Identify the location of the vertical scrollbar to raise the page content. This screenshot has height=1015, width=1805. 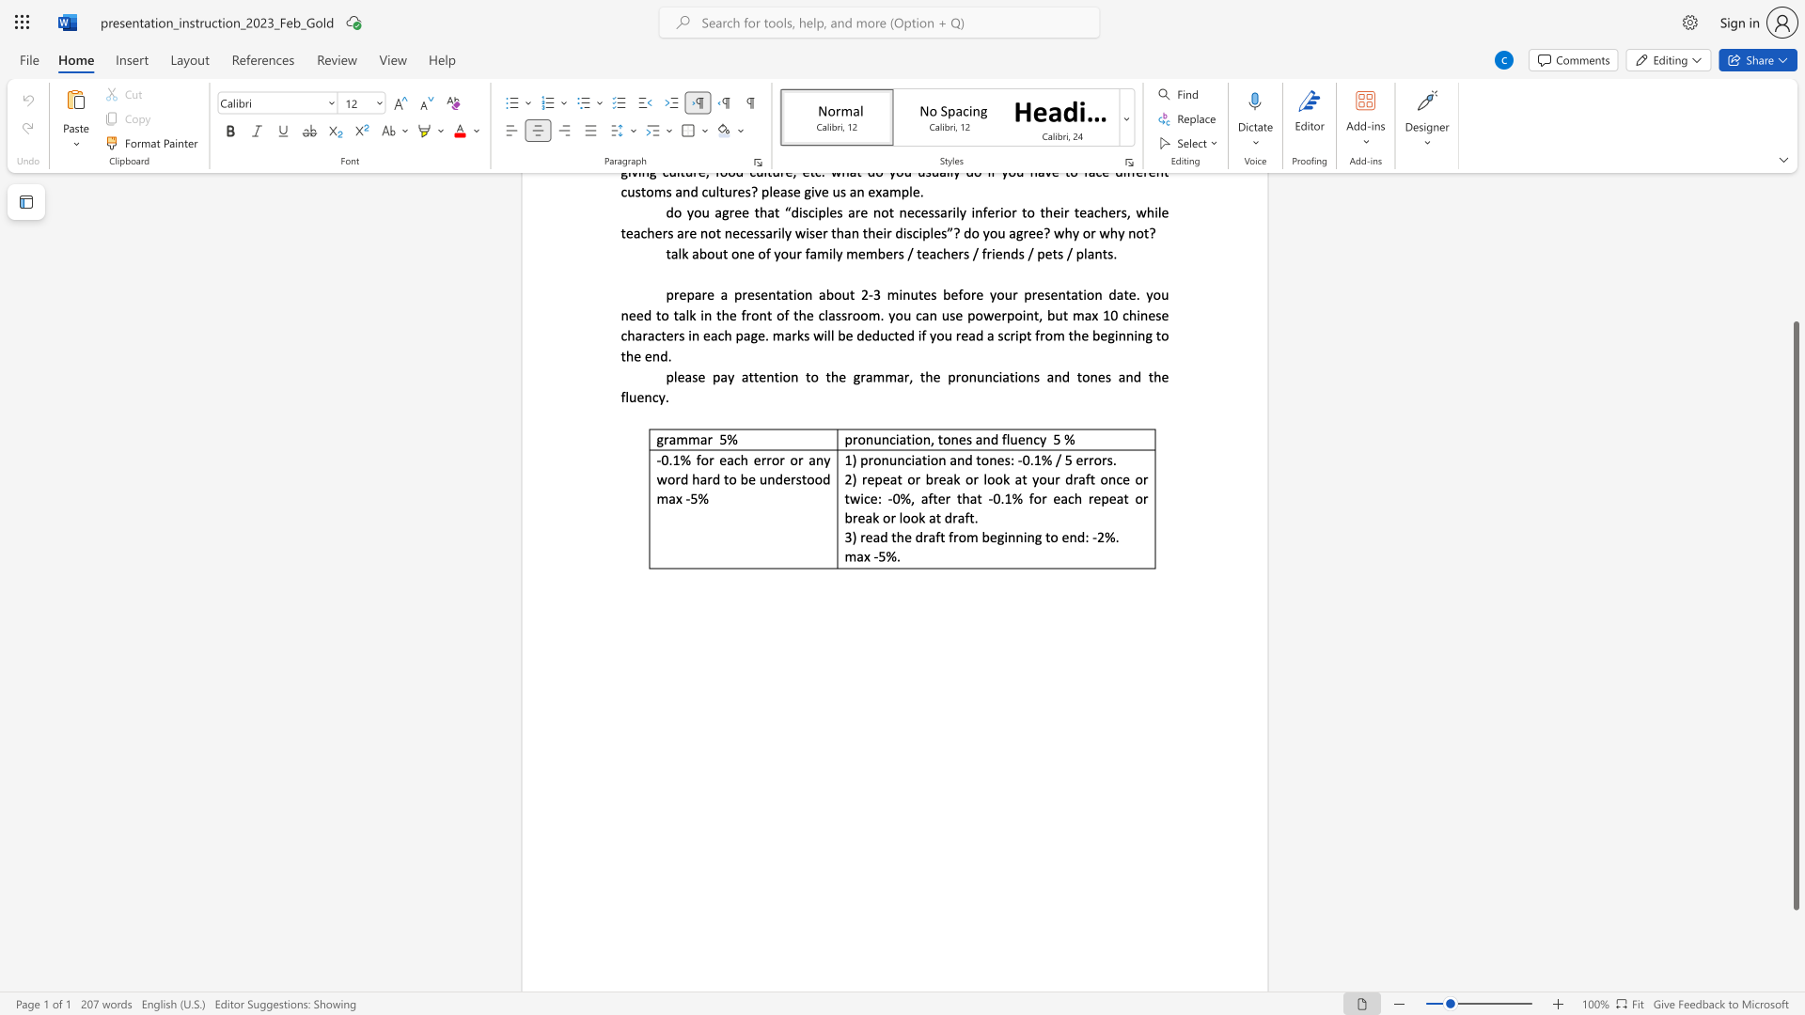
(1795, 254).